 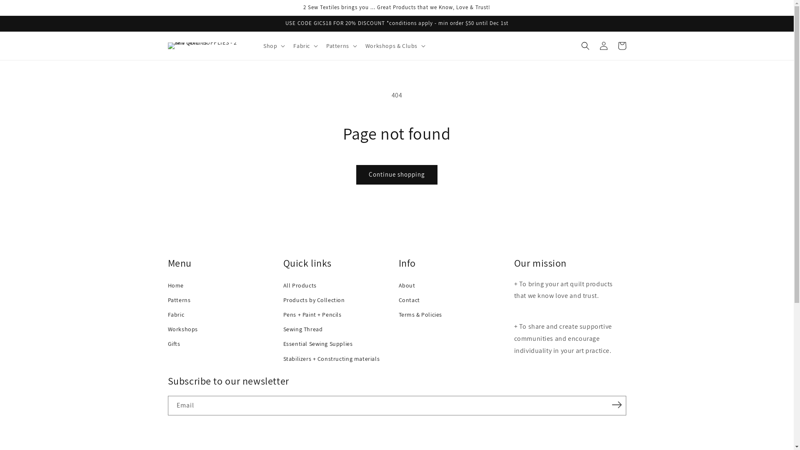 I want to click on 'Pens + Paint + Pencils', so click(x=339, y=315).